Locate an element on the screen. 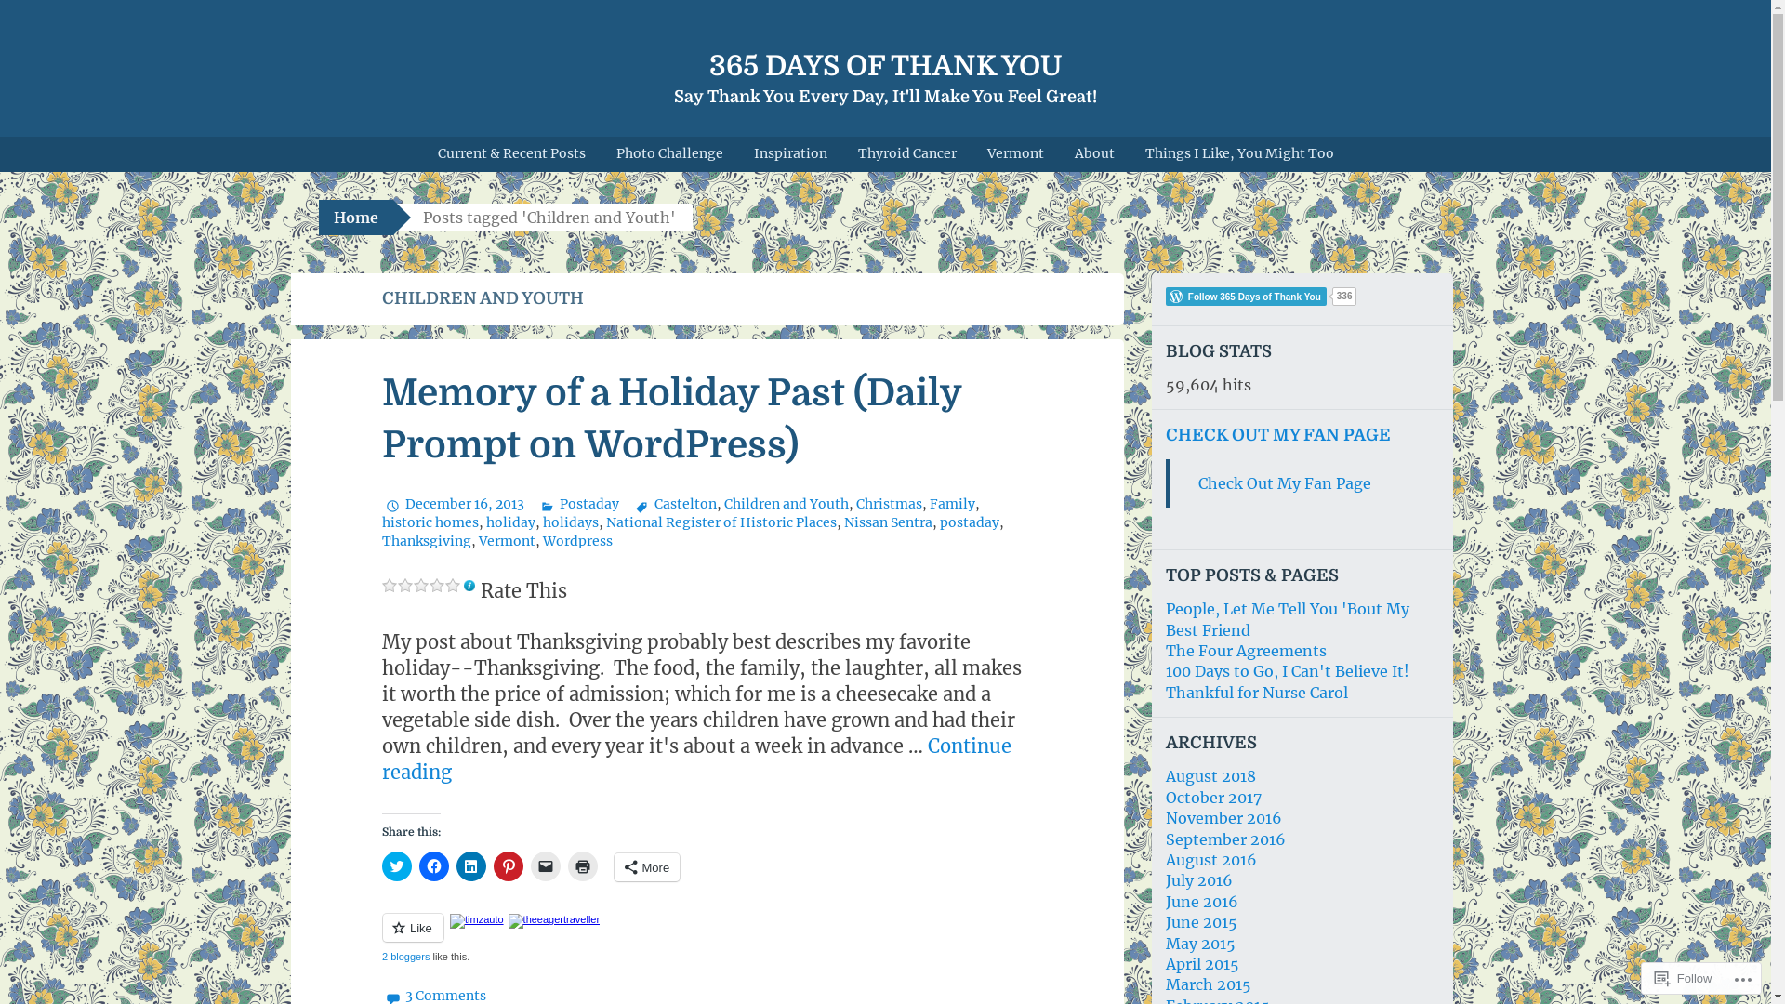 The image size is (1785, 1004). 'Thankful for Nurse Carol' is located at coordinates (1257, 692).